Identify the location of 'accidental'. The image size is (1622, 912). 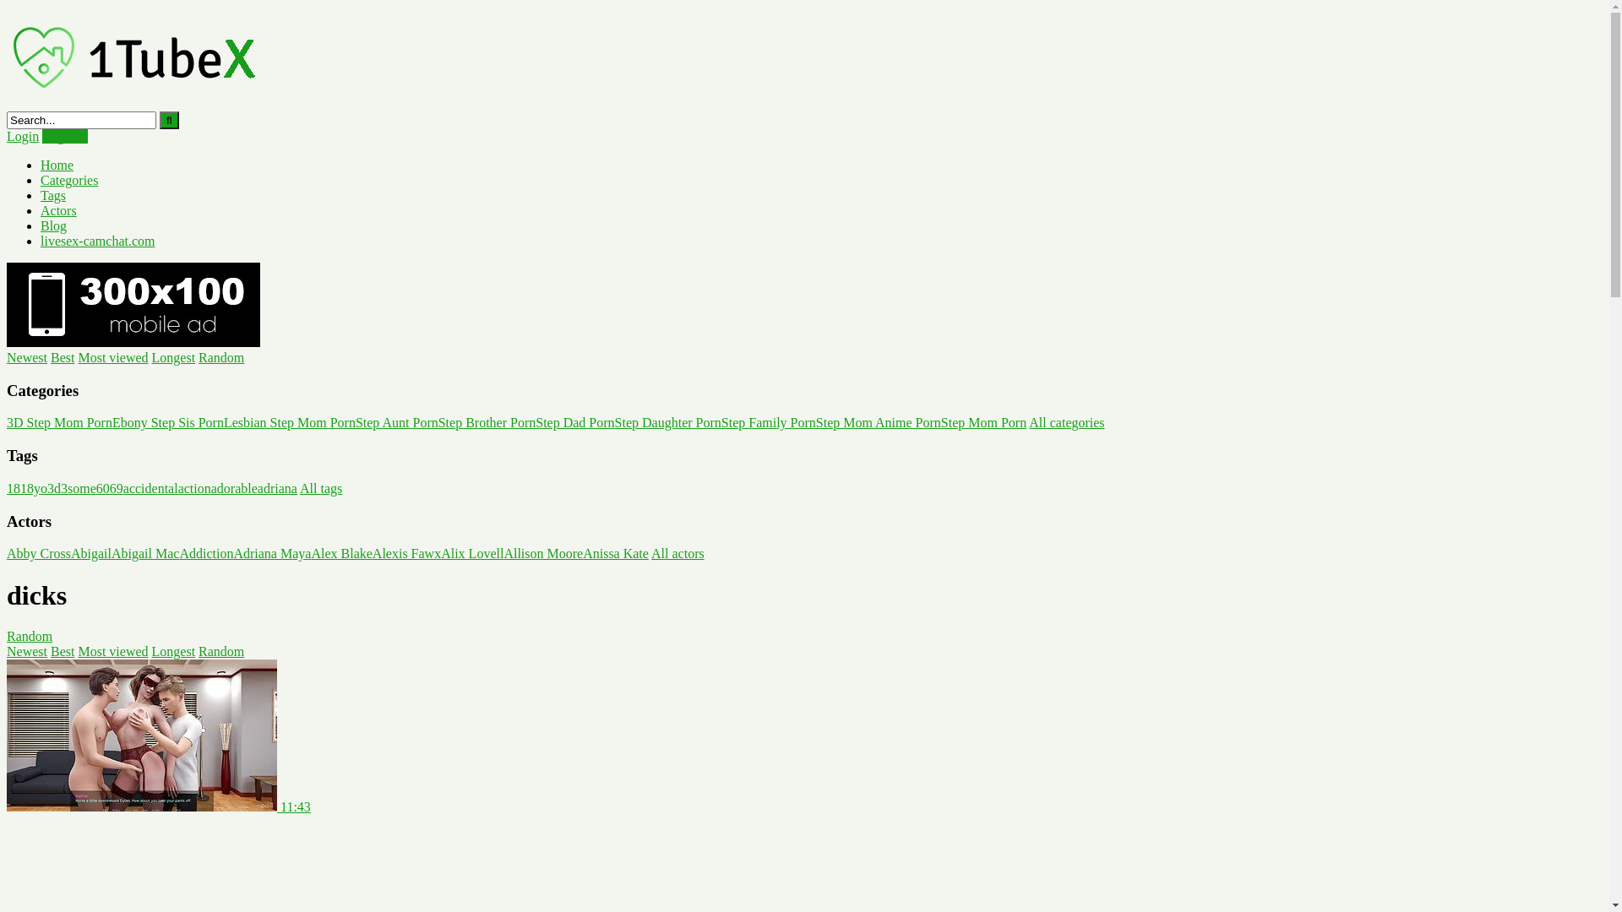
(150, 488).